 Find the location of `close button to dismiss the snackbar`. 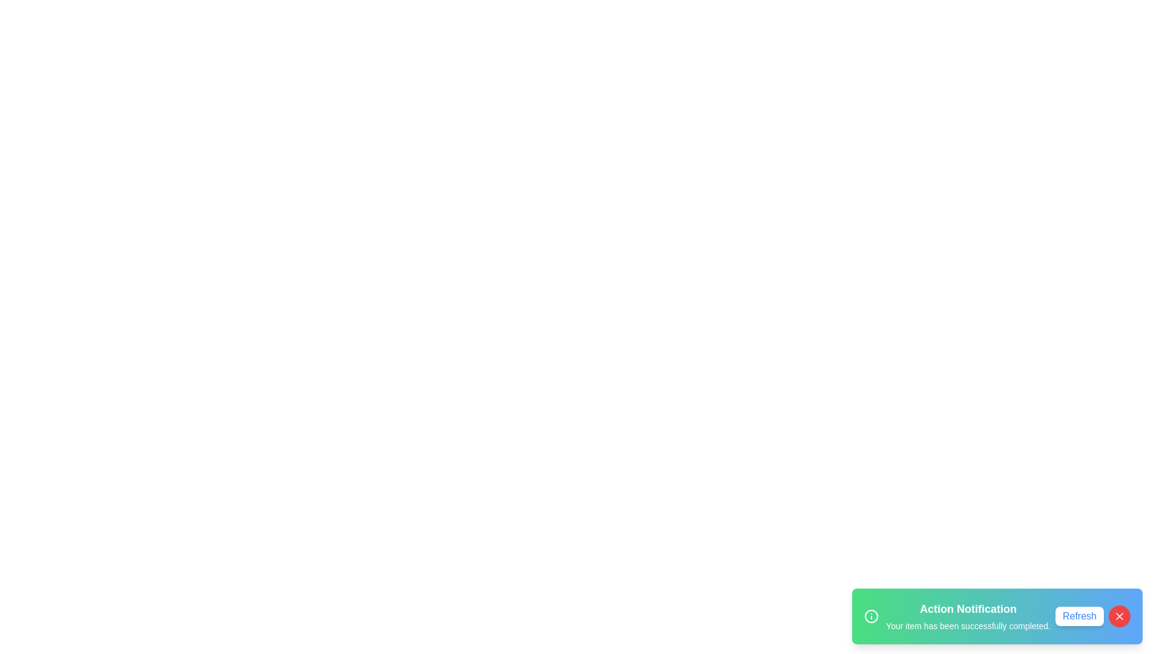

close button to dismiss the snackbar is located at coordinates (1118, 616).